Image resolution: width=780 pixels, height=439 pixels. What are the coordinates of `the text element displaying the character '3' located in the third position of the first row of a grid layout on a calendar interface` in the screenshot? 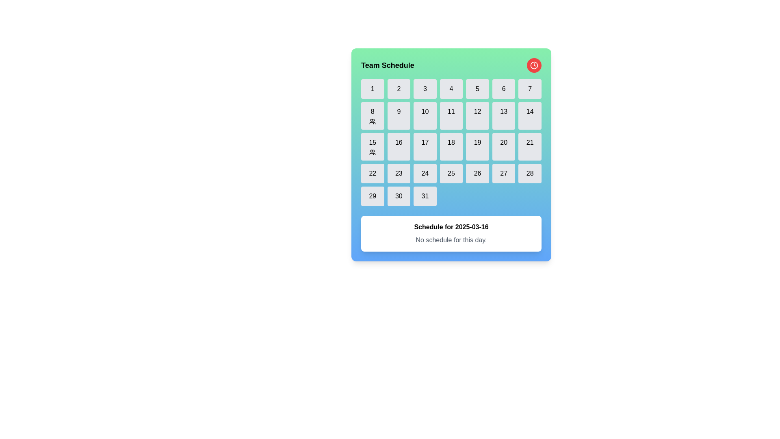 It's located at (425, 89).